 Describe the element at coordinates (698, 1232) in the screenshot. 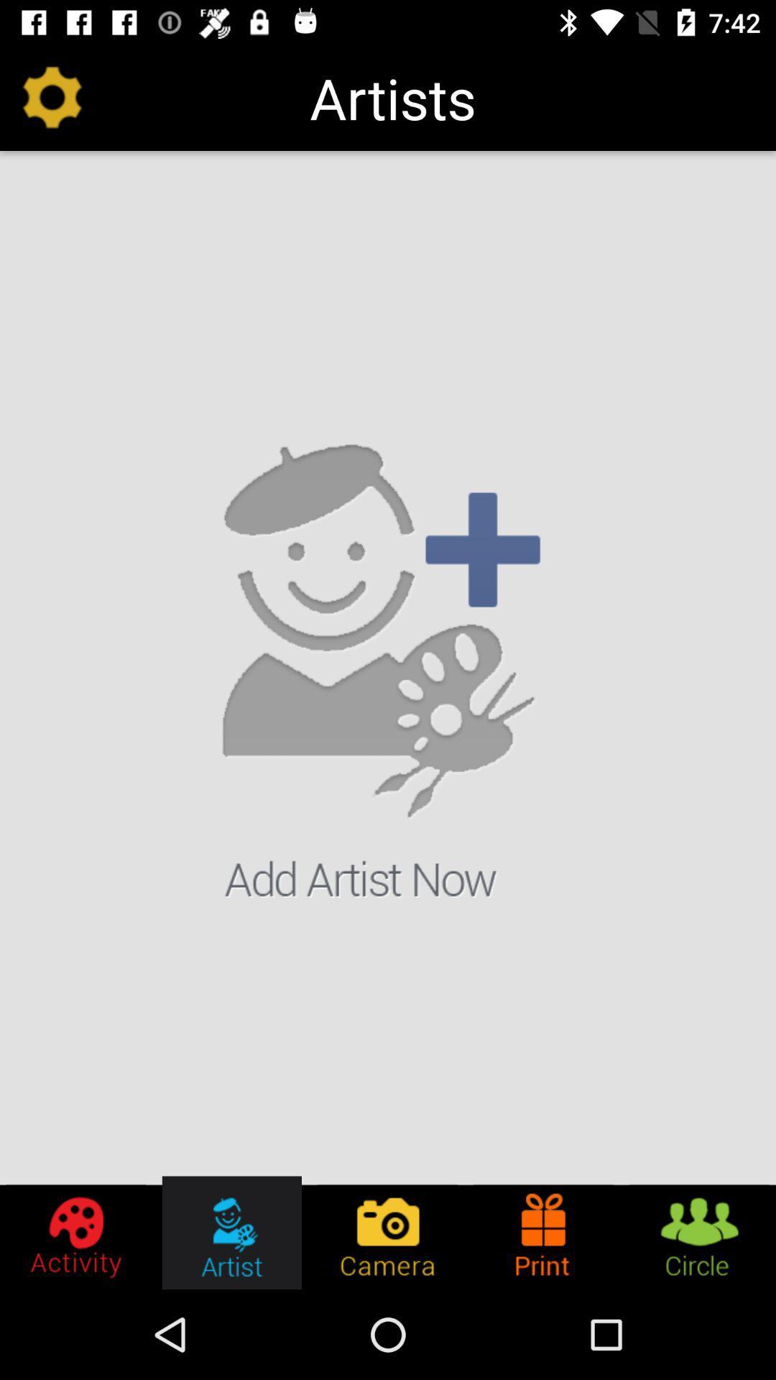

I see `the group icon` at that location.